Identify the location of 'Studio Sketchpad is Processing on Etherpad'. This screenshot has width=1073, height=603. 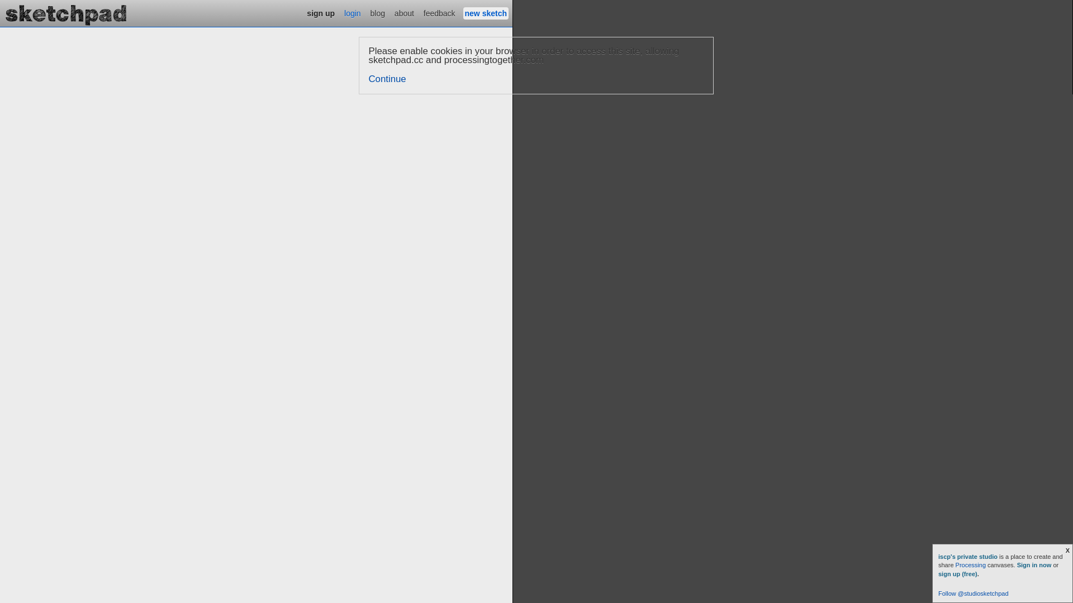
(66, 13).